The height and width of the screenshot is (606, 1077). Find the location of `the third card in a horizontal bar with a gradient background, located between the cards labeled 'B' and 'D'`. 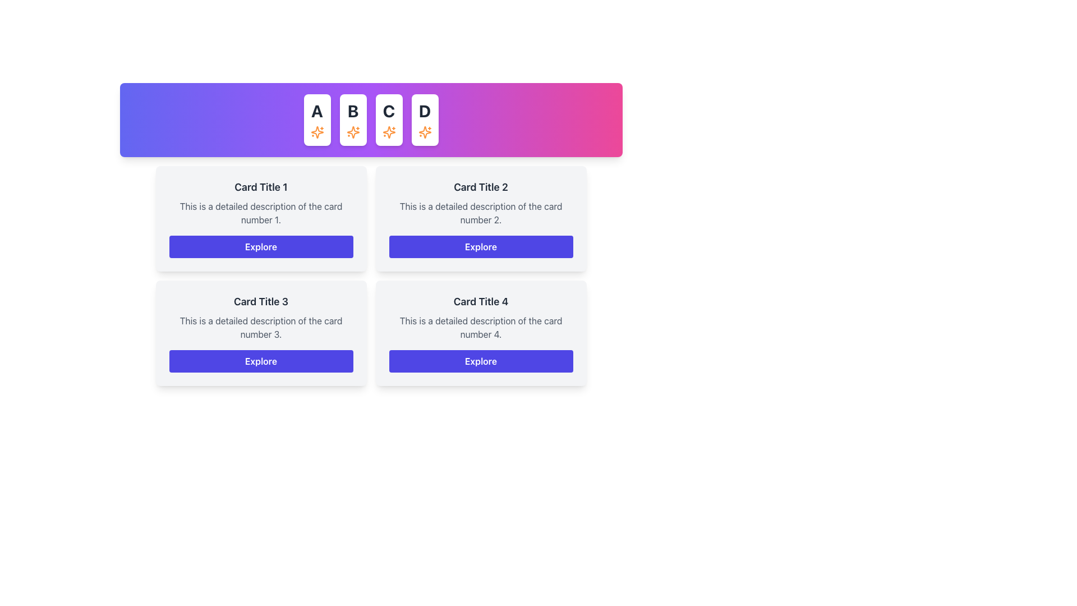

the third card in a horizontal bar with a gradient background, located between the cards labeled 'B' and 'D' is located at coordinates (389, 120).